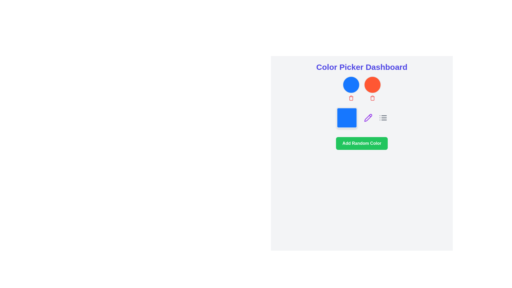 The width and height of the screenshot is (512, 288). What do you see at coordinates (351, 98) in the screenshot?
I see `the trash icon located in the center of the interface, beneath the blue circular element` at bounding box center [351, 98].